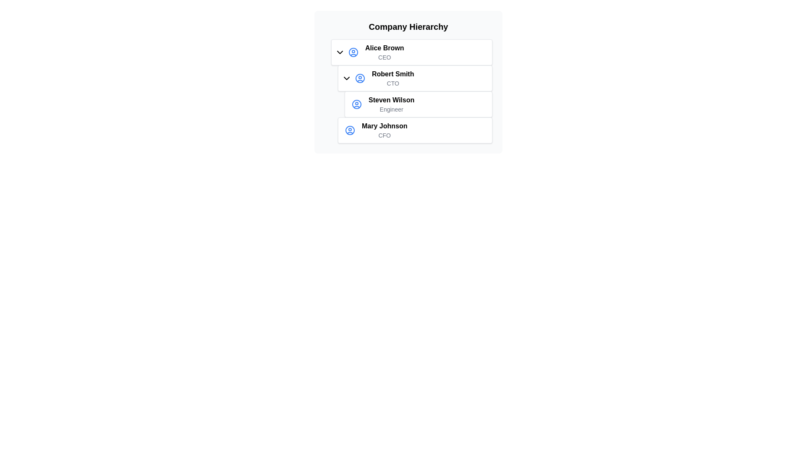 This screenshot has height=453, width=806. What do you see at coordinates (360, 78) in the screenshot?
I see `the user associated with the 'Robert Smith CTO' entry` at bounding box center [360, 78].